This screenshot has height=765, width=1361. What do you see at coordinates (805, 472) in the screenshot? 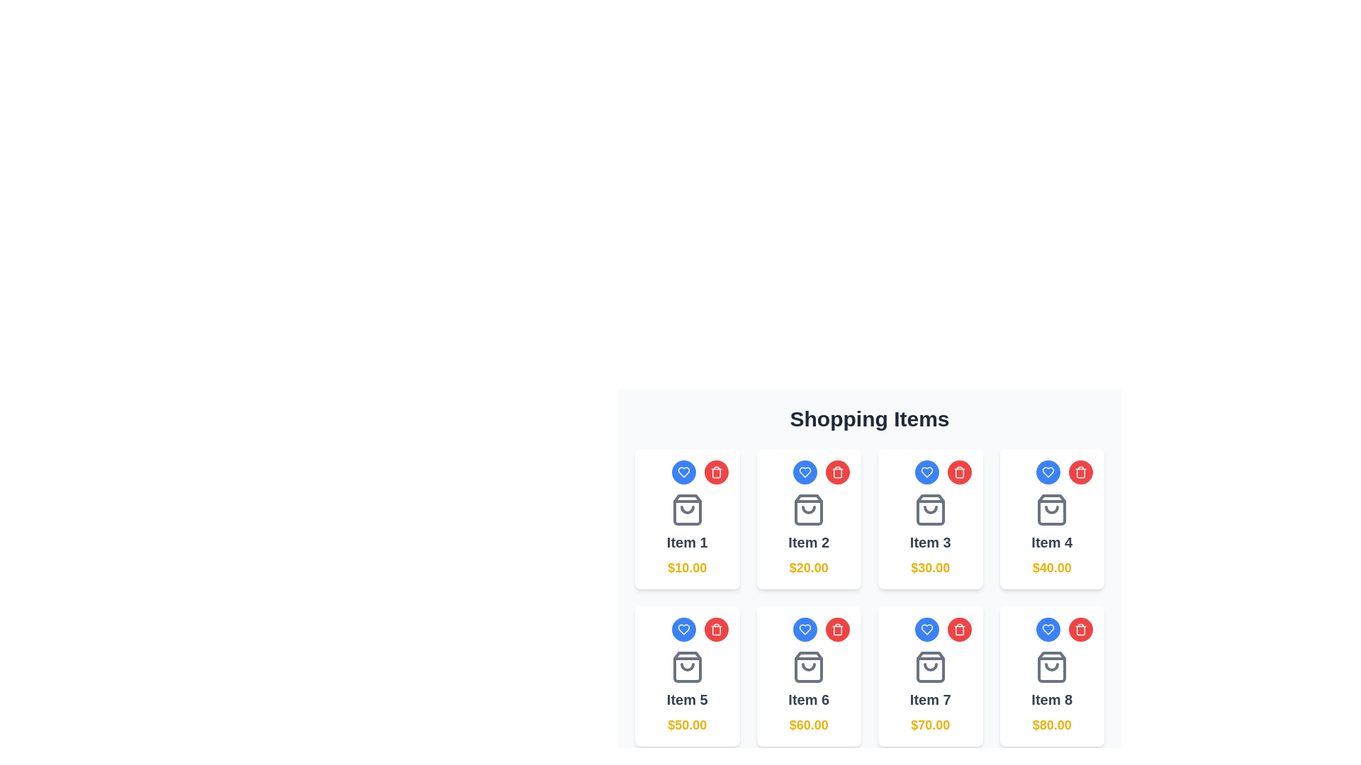
I see `the heart-shaped icon outlined in blue, which represents the 'favorite' feature, located above the second item's title and price in the shopping items grid` at bounding box center [805, 472].